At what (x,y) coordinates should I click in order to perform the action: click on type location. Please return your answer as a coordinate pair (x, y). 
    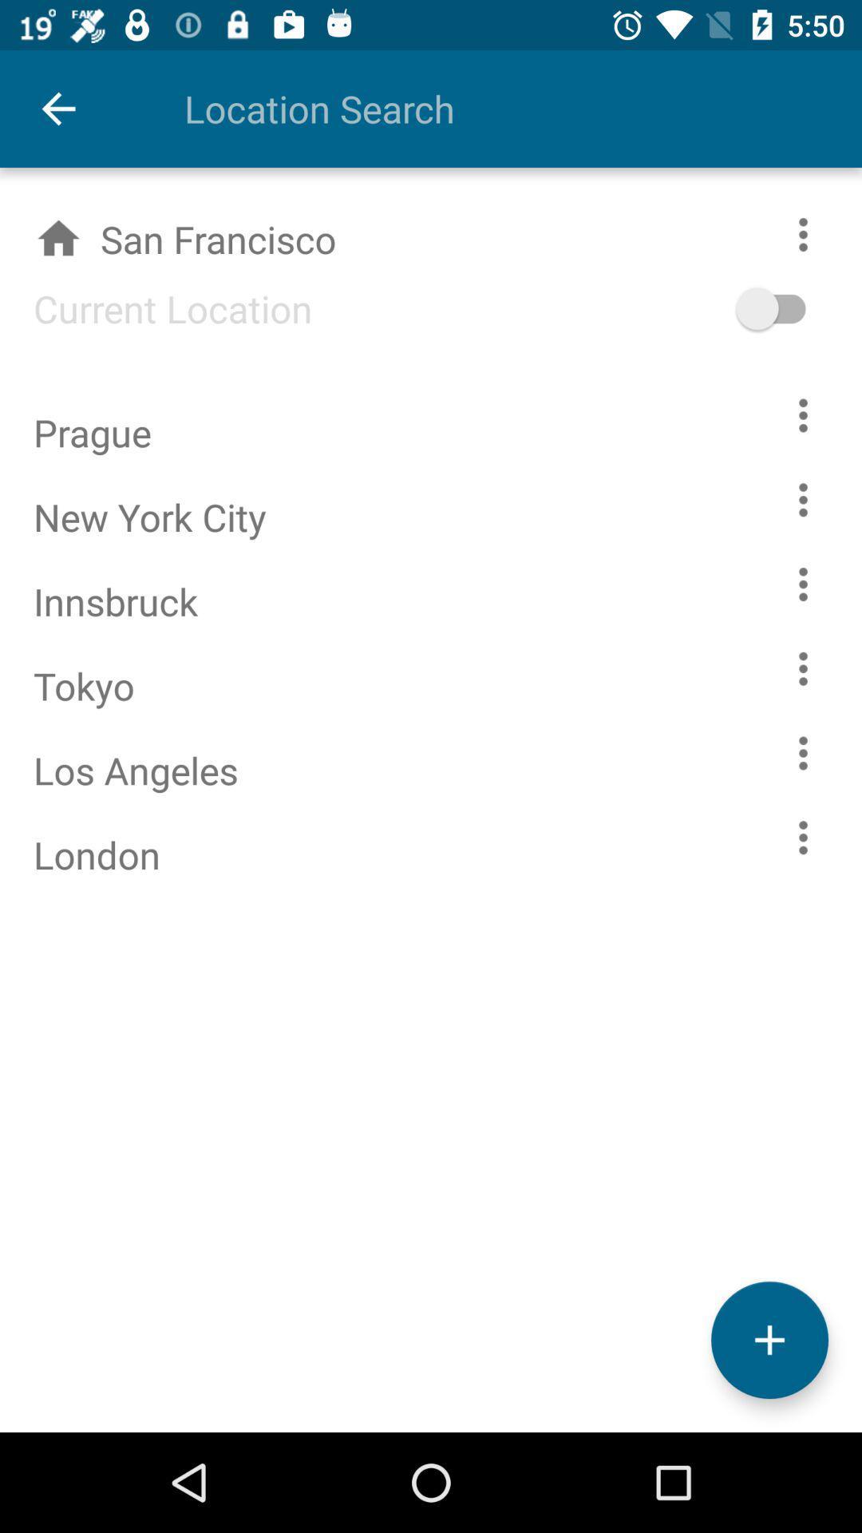
    Looking at the image, I should click on (488, 108).